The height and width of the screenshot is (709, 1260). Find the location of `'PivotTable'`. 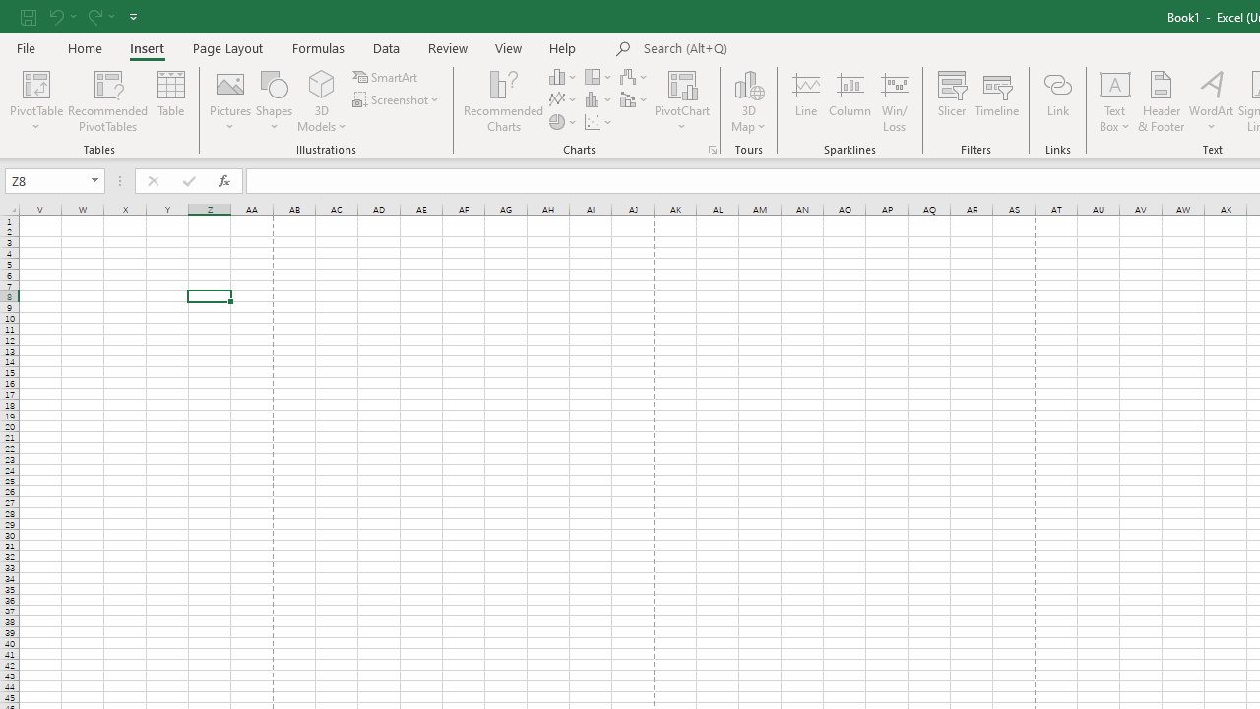

'PivotTable' is located at coordinates (36, 101).